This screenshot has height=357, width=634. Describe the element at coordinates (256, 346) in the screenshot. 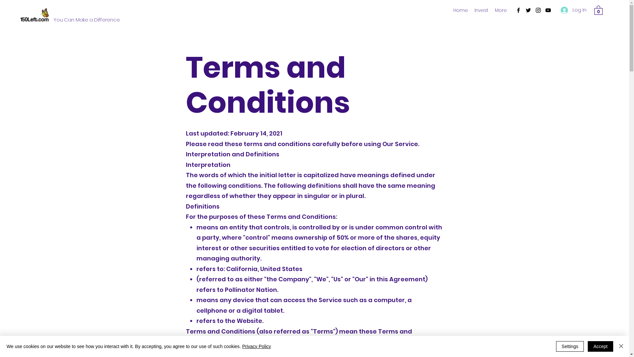

I see `'Privacy Policy'` at that location.